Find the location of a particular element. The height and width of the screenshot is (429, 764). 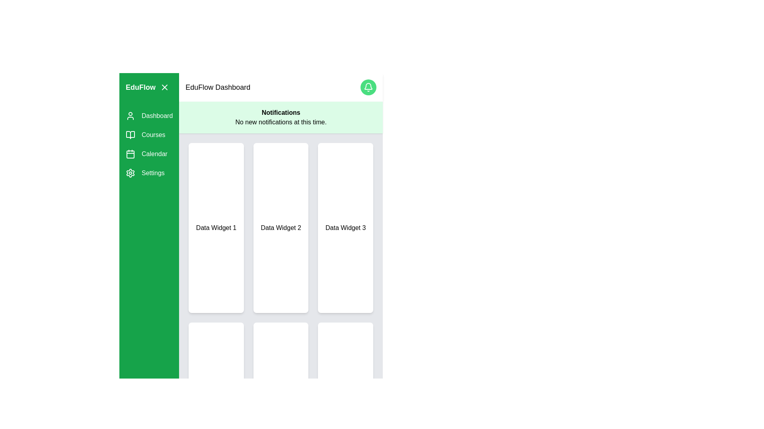

the 'X' icon styled with a green backdrop in the left sidebar is located at coordinates (164, 87).